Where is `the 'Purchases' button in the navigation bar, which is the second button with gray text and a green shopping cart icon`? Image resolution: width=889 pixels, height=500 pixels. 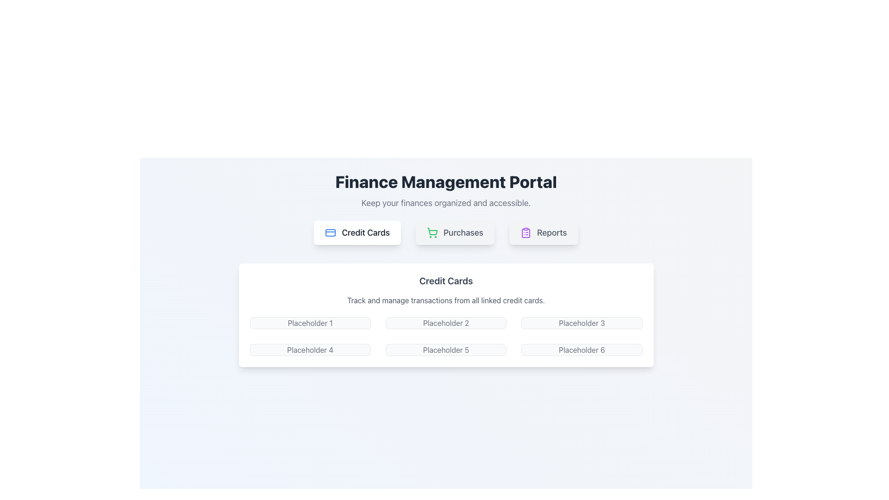 the 'Purchases' button in the navigation bar, which is the second button with gray text and a green shopping cart icon is located at coordinates (455, 232).